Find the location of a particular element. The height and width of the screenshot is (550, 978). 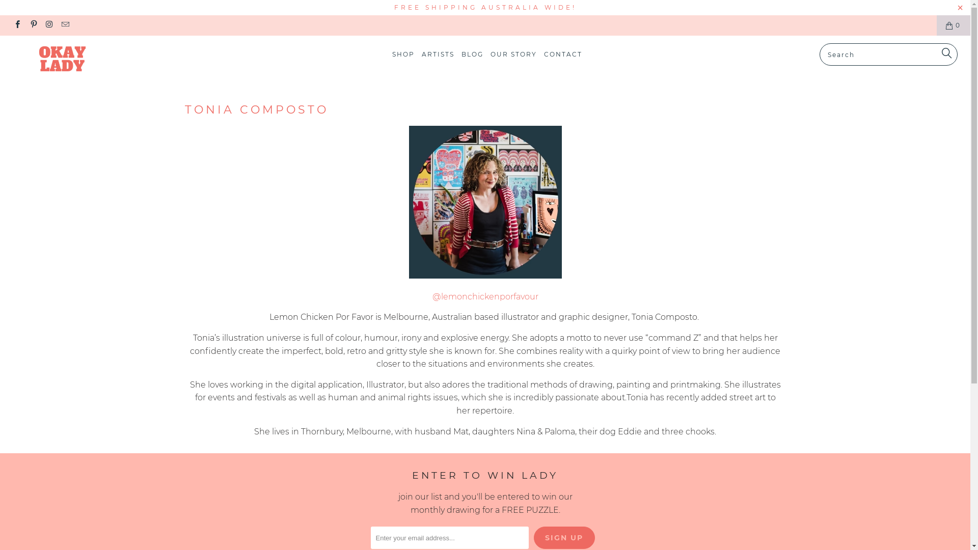

'Okay Lady' is located at coordinates (83, 60).